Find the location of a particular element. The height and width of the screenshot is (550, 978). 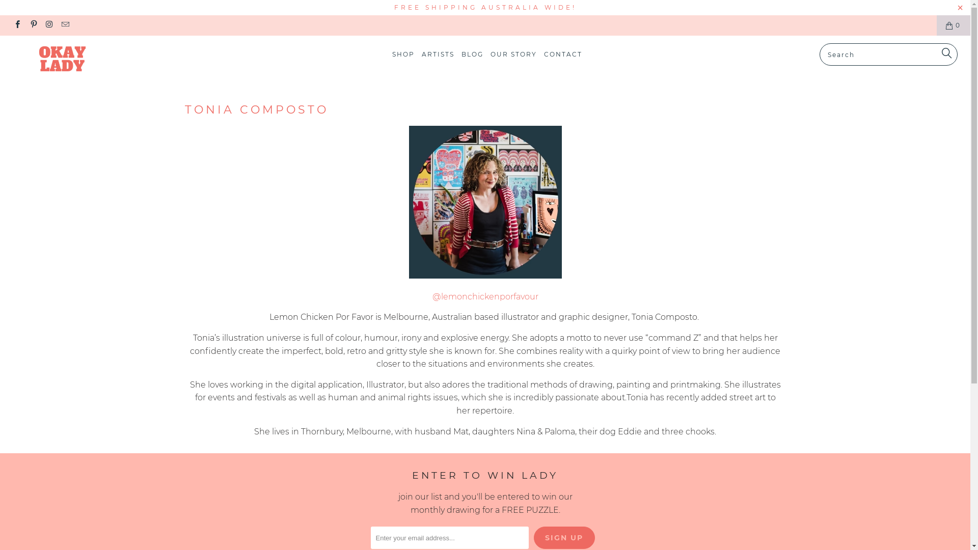

'Okay Lady' is located at coordinates (83, 60).